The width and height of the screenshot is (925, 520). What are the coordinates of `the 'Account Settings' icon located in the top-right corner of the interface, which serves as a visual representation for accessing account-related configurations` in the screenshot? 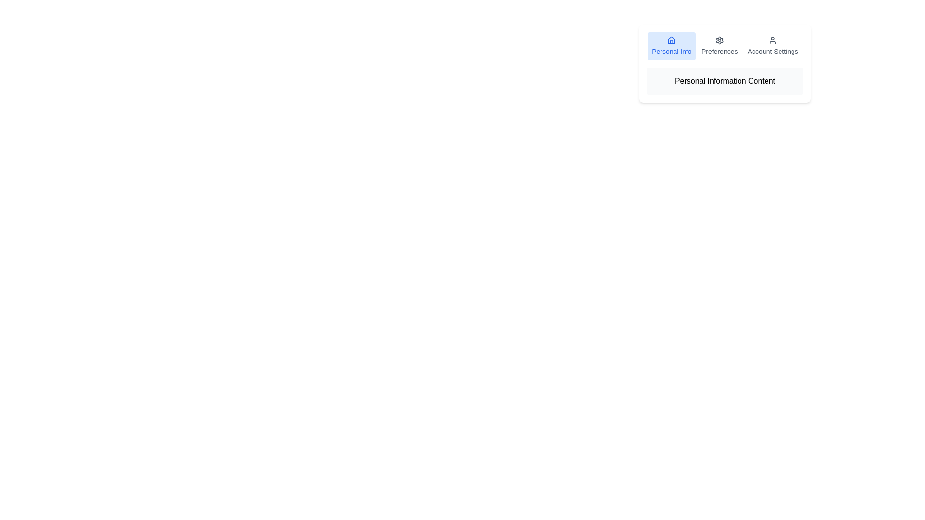 It's located at (773, 40).